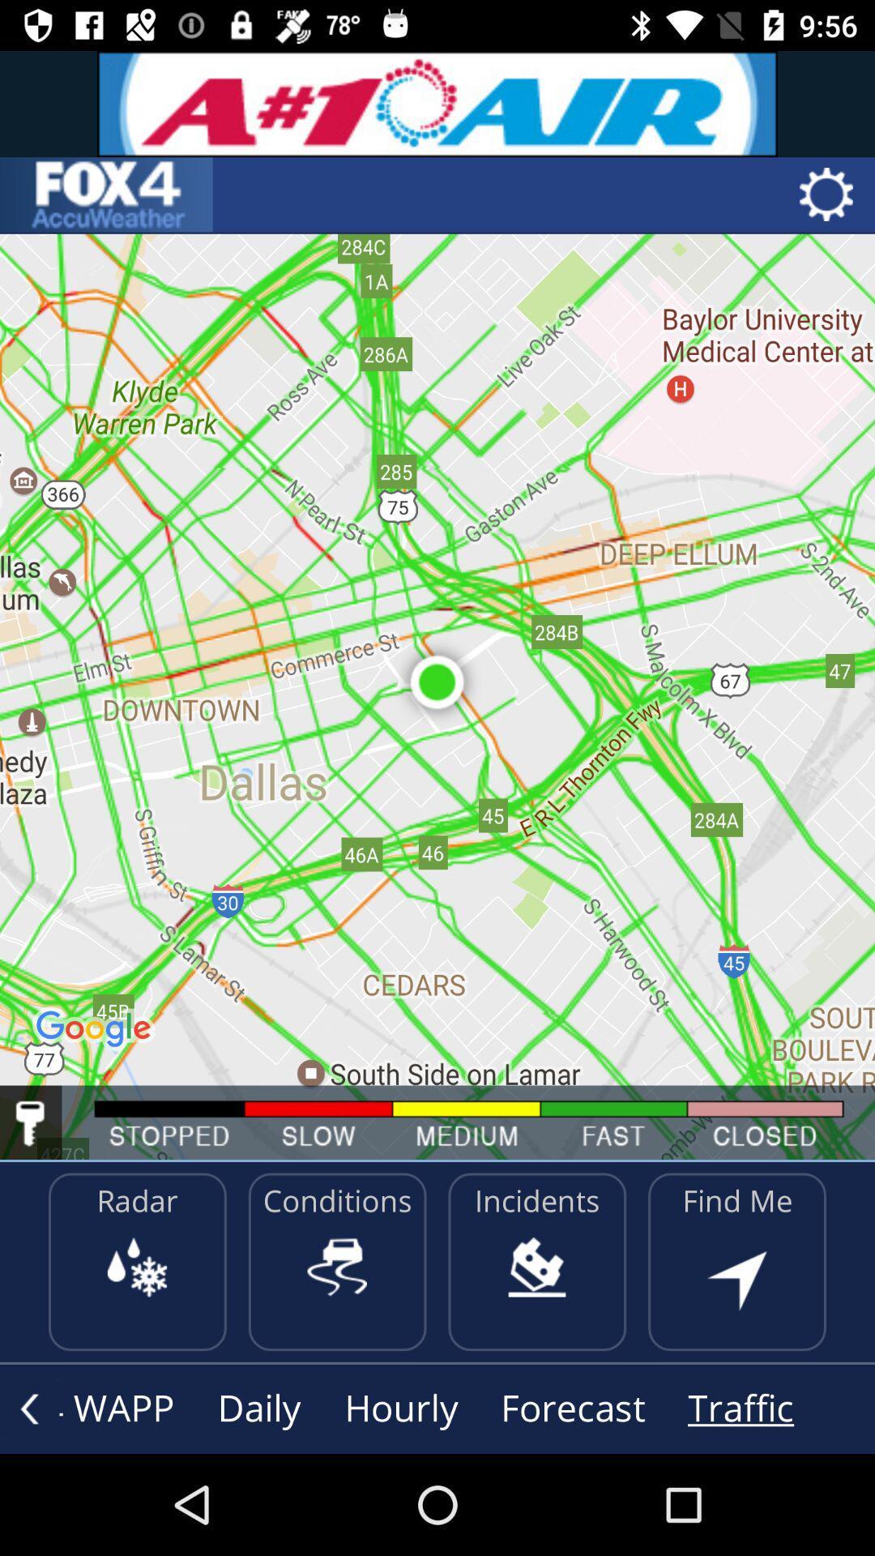  What do you see at coordinates (29, 1408) in the screenshot?
I see `go back` at bounding box center [29, 1408].